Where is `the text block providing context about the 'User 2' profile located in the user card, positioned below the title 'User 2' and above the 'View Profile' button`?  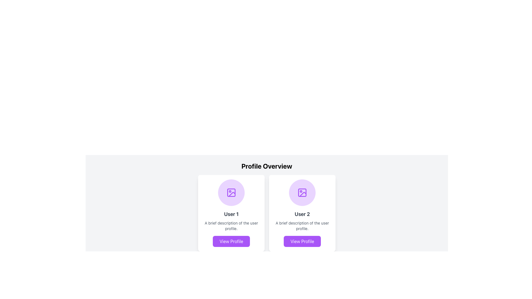
the text block providing context about the 'User 2' profile located in the user card, positioned below the title 'User 2' and above the 'View Profile' button is located at coordinates (302, 226).